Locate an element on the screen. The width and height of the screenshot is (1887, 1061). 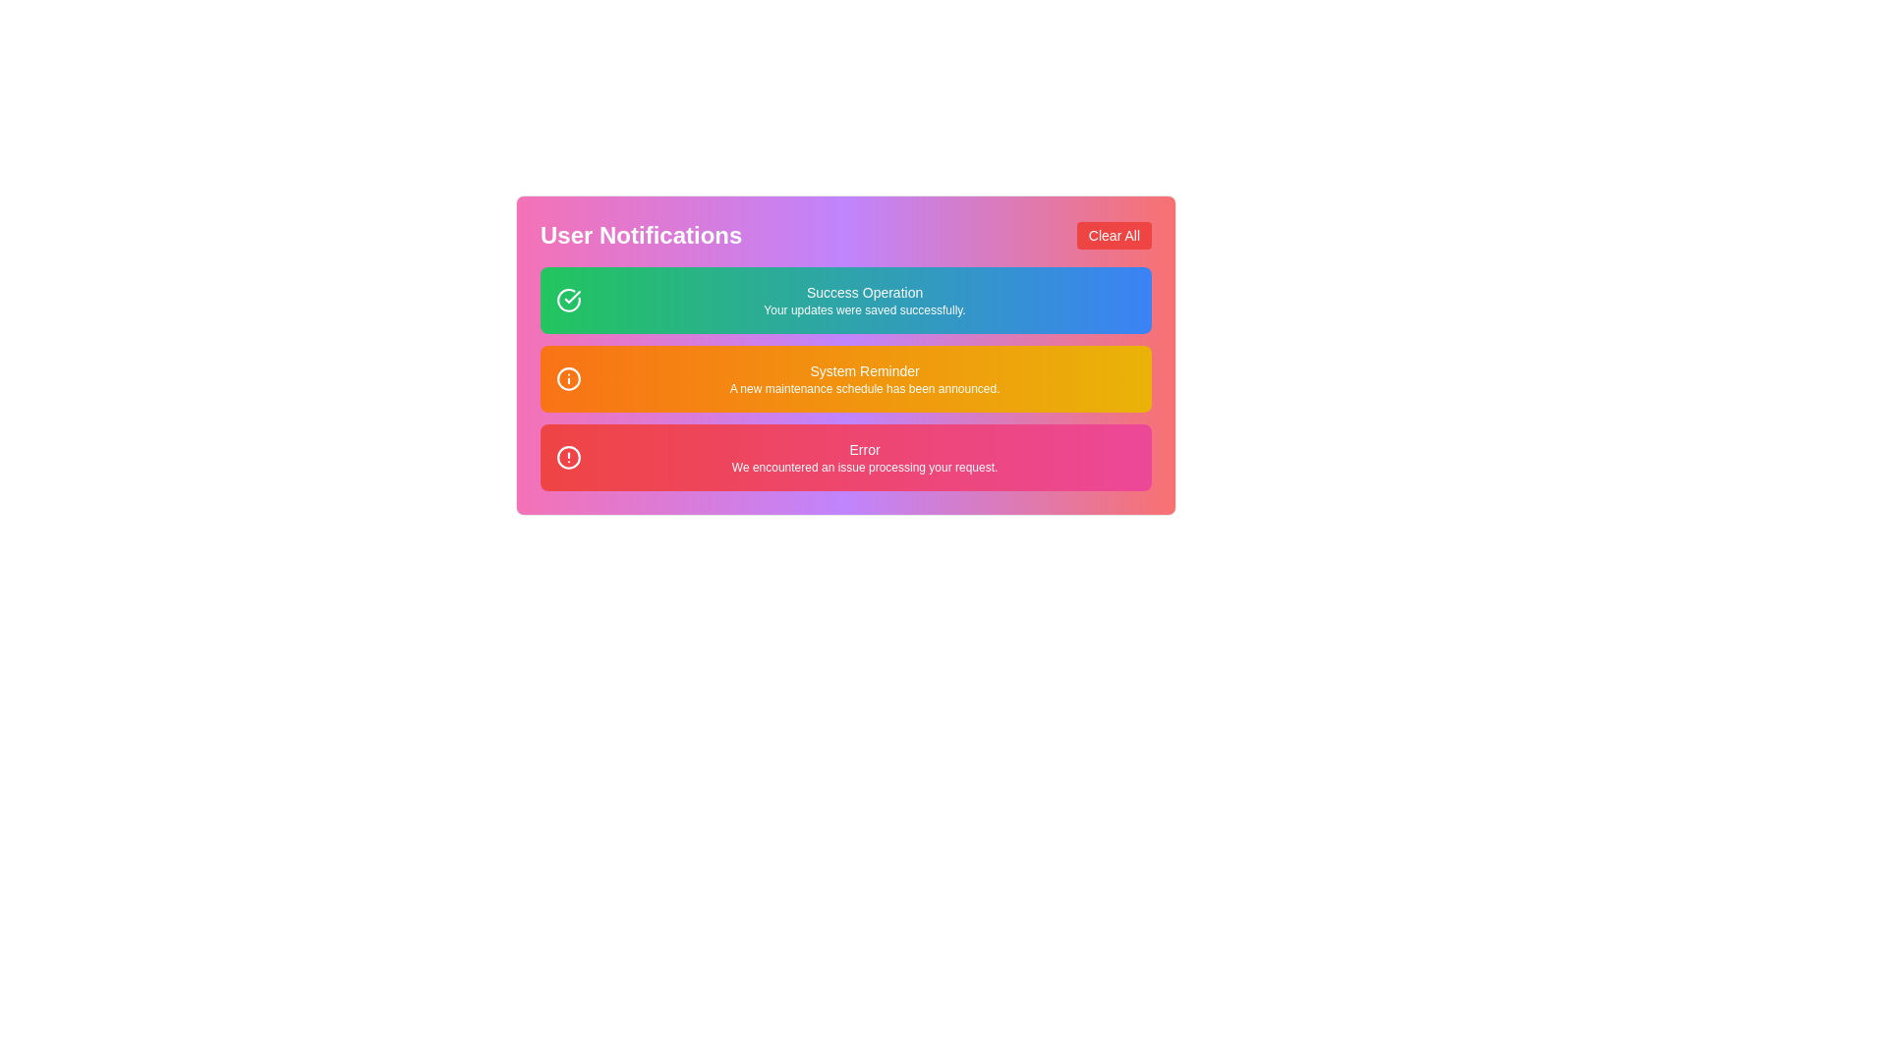
checkmark icon located within the green notification card titled 'Success Operation', positioned at the left side near the top edge is located at coordinates (571, 297).